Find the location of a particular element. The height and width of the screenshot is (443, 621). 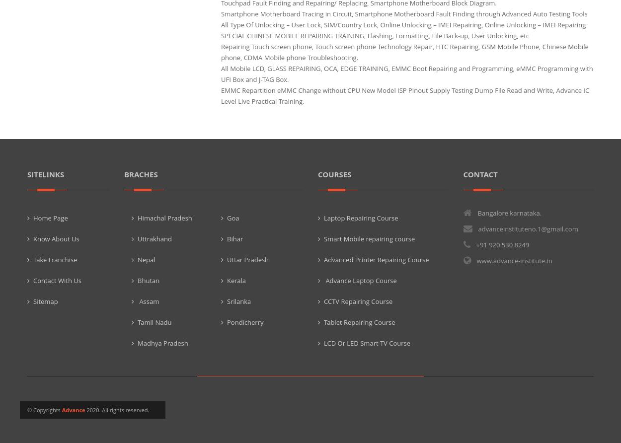

'Kerala' is located at coordinates (236, 280).